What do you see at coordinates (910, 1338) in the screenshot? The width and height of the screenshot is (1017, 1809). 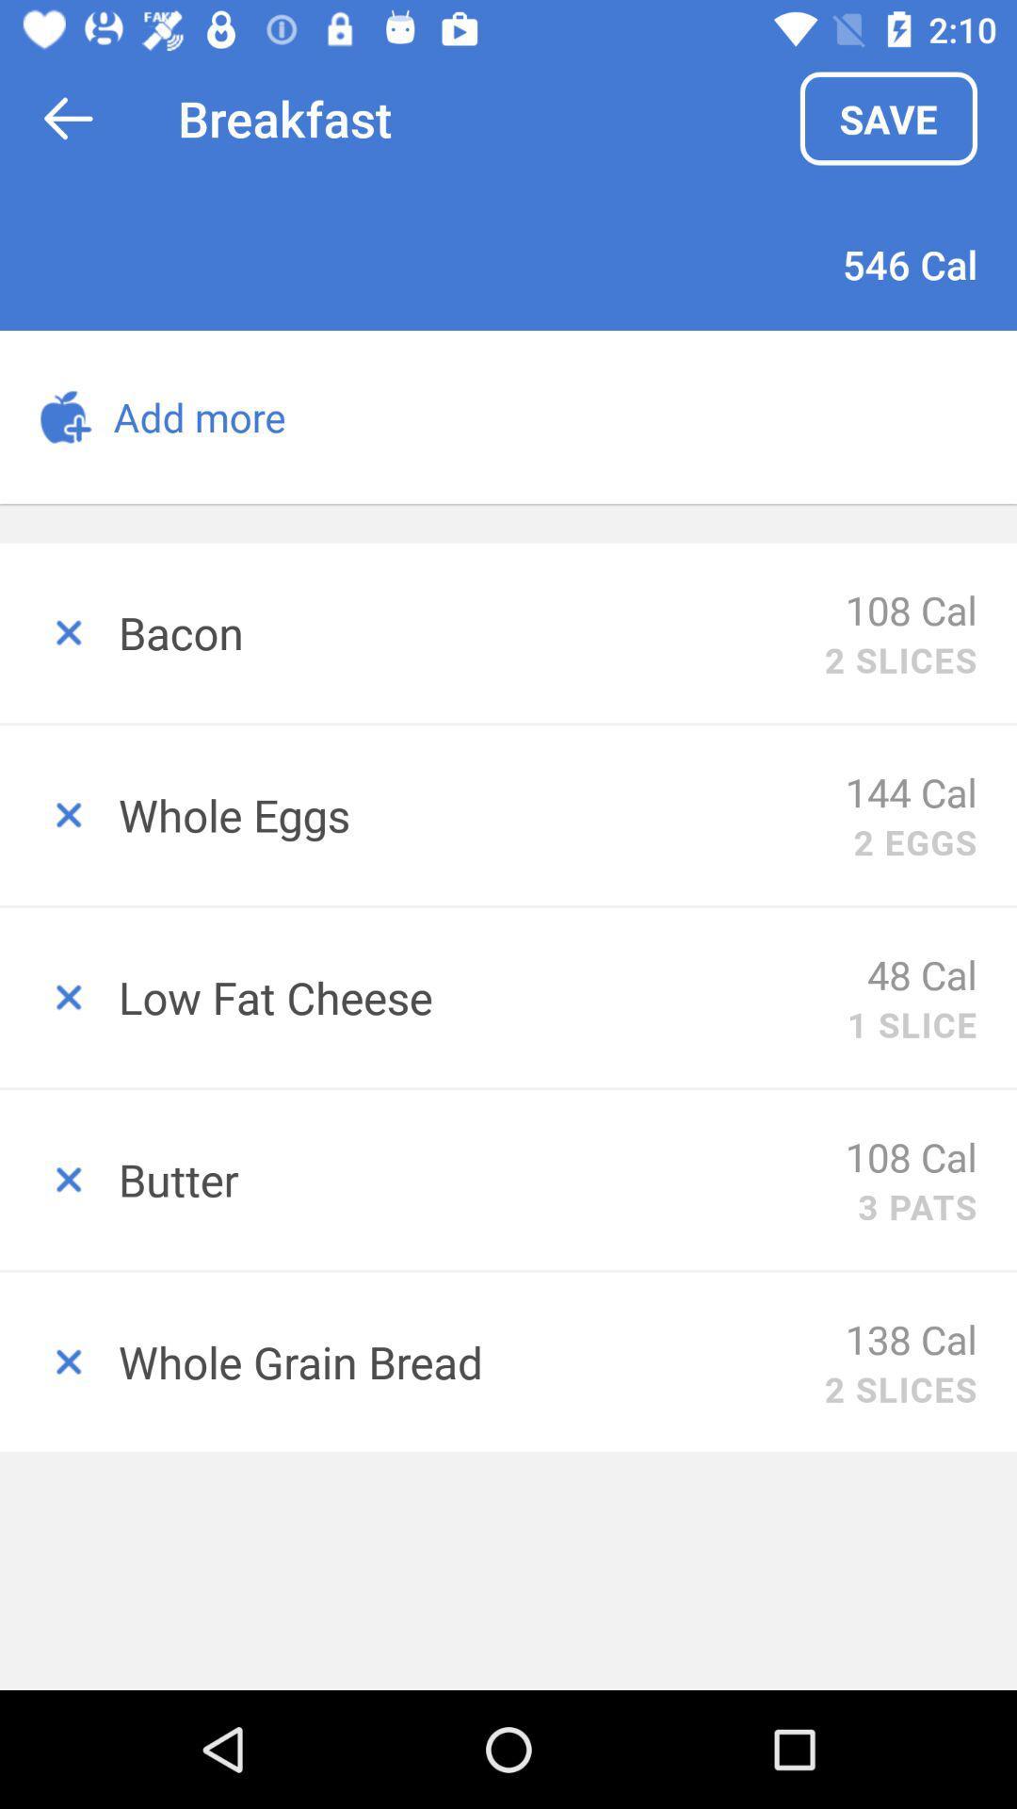 I see `item to the right of whole grain bread item` at bounding box center [910, 1338].